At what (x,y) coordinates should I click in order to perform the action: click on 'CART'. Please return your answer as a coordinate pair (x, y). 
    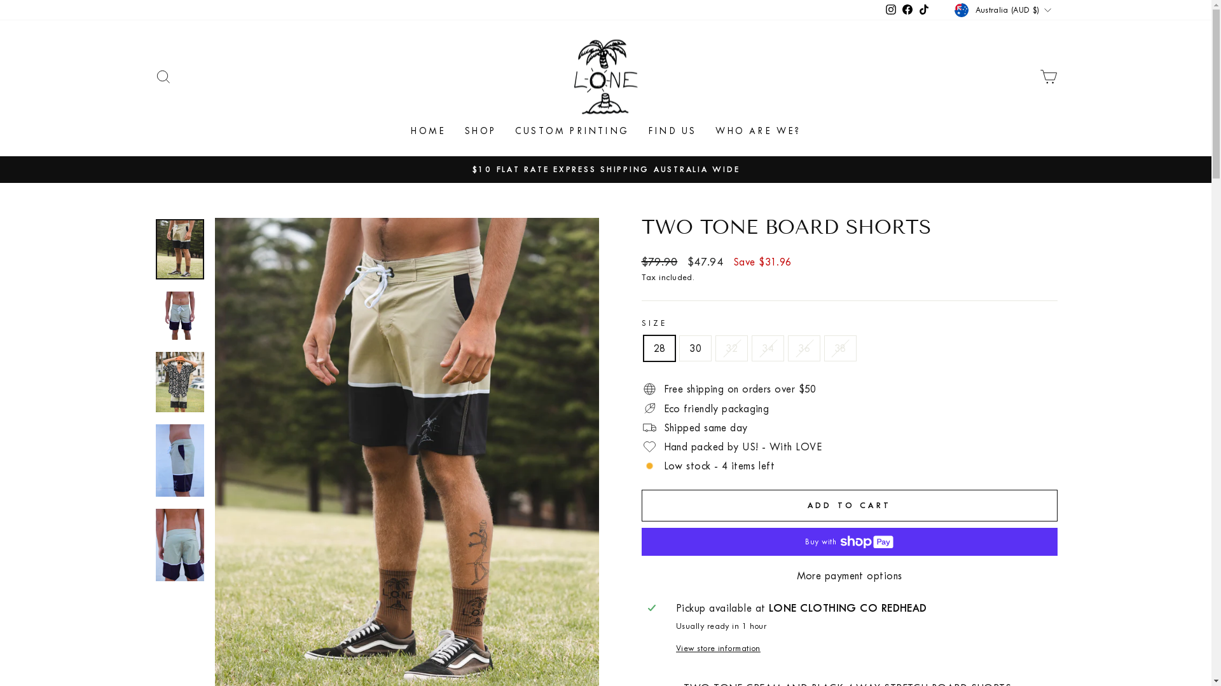
    Looking at the image, I should click on (1047, 76).